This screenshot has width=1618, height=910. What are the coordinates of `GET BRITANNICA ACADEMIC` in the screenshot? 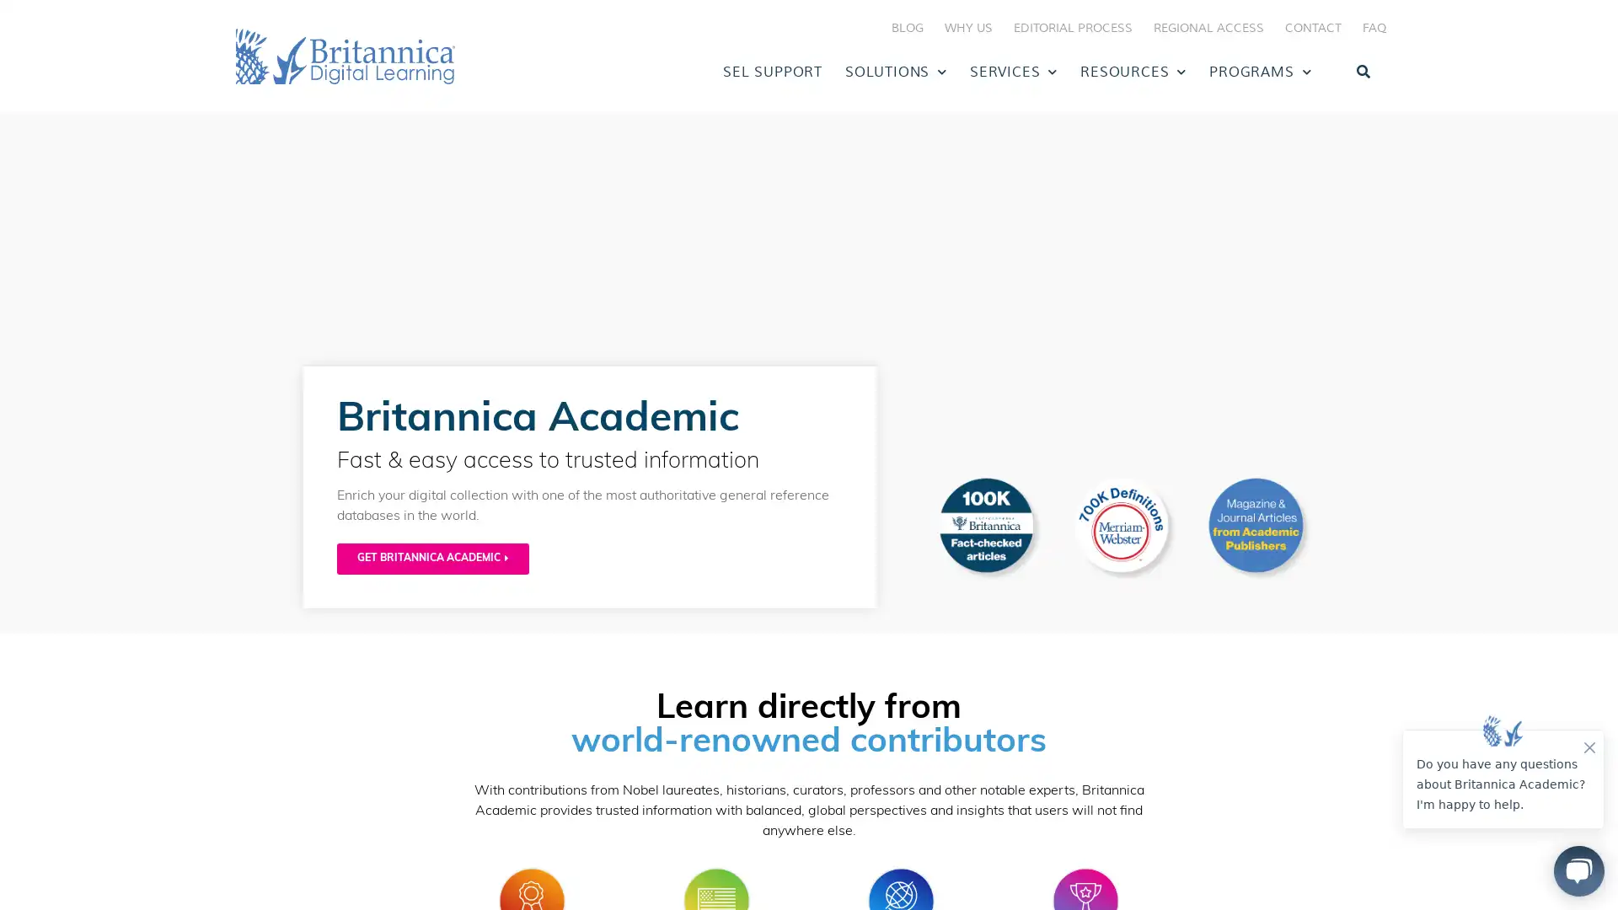 It's located at (432, 559).